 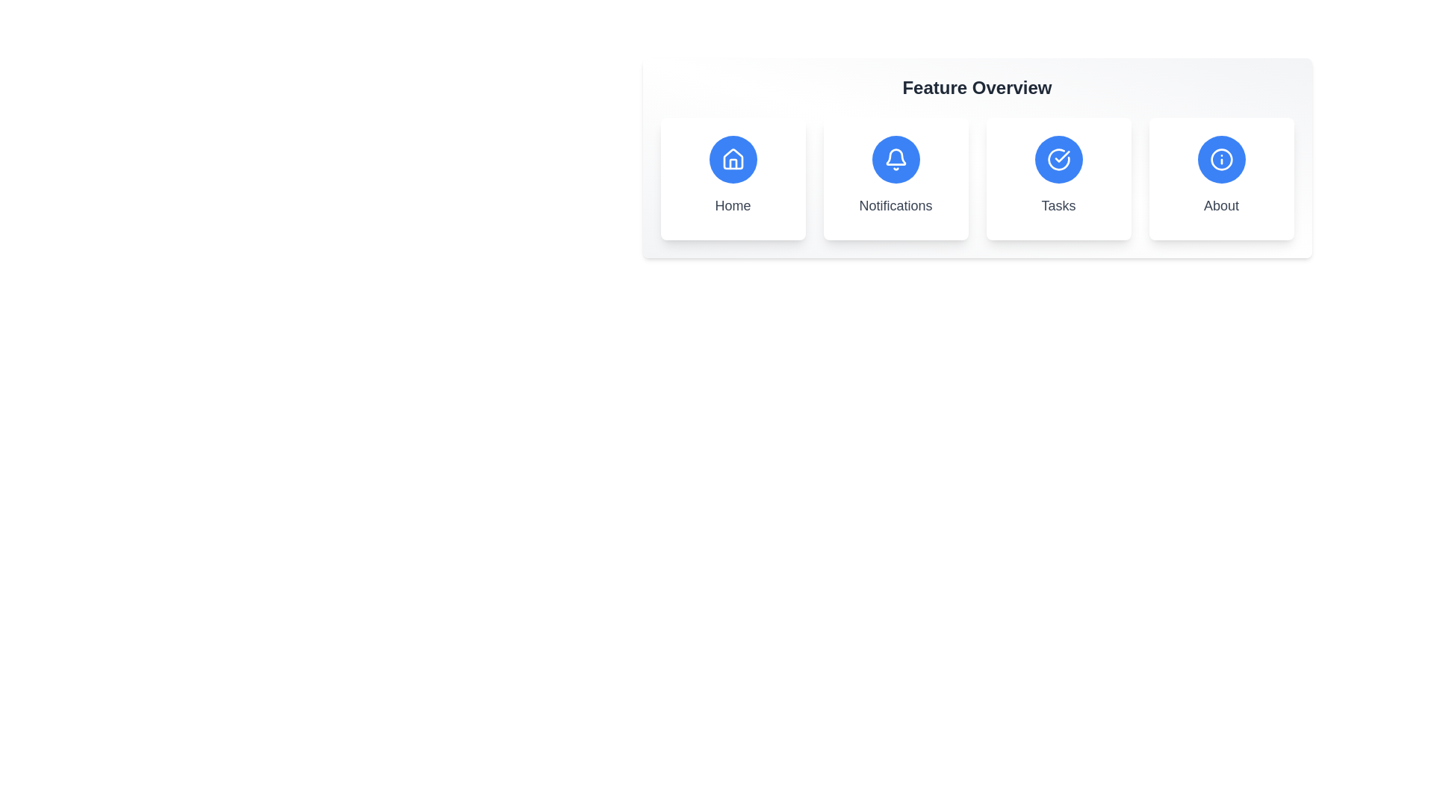 What do you see at coordinates (1058, 159) in the screenshot?
I see `the blue circular glyph with a thin line design forming an arc, located within the third card labeled 'Tasks' under the 'Feature Overview' section, to the left of a checkmark` at bounding box center [1058, 159].